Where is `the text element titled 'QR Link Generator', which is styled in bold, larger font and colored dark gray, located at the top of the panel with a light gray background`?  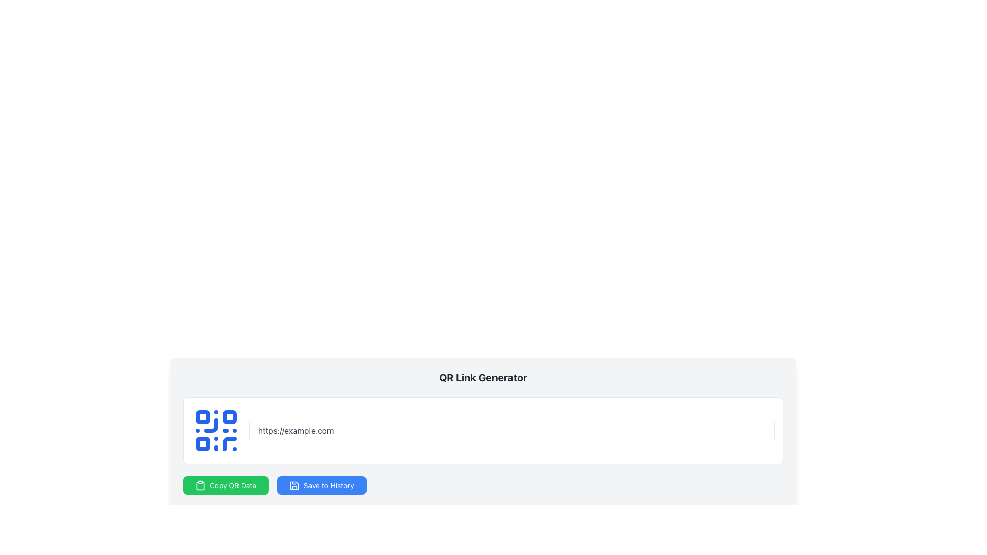
the text element titled 'QR Link Generator', which is styled in bold, larger font and colored dark gray, located at the top of the panel with a light gray background is located at coordinates (483, 378).